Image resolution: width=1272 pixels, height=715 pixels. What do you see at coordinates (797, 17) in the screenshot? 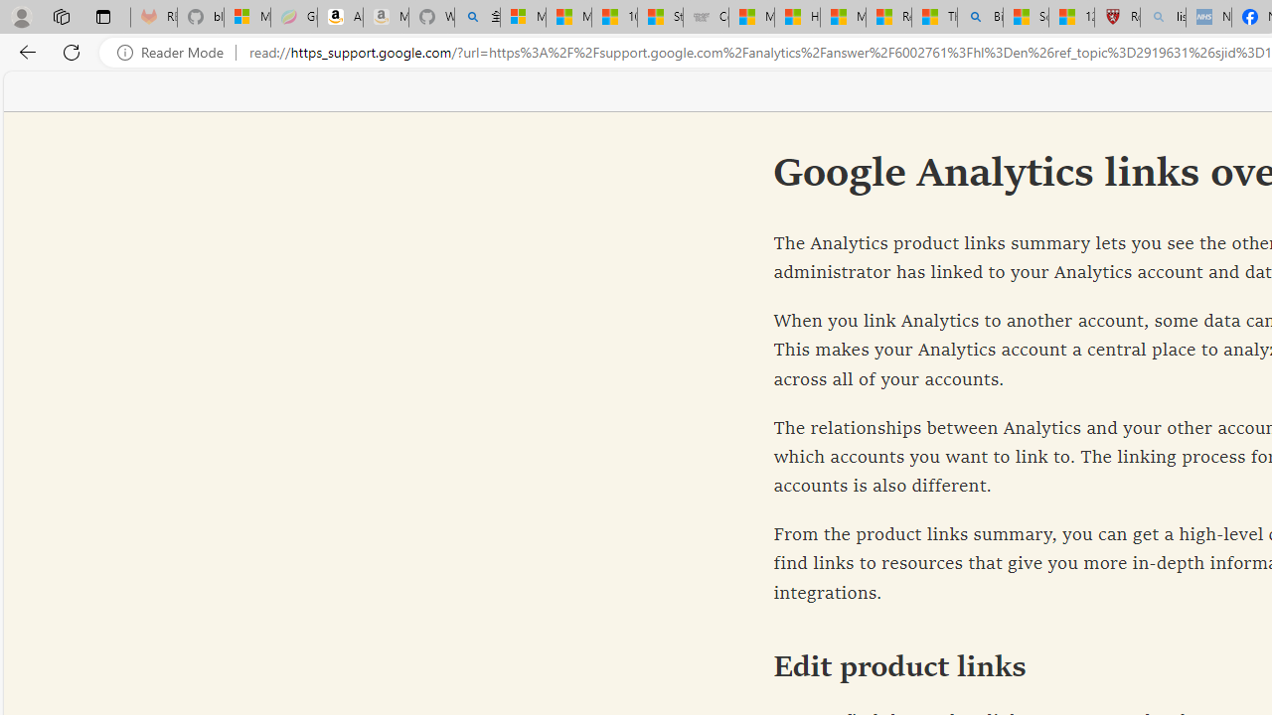
I see `'How I Got Rid of Microsoft Edge'` at bounding box center [797, 17].